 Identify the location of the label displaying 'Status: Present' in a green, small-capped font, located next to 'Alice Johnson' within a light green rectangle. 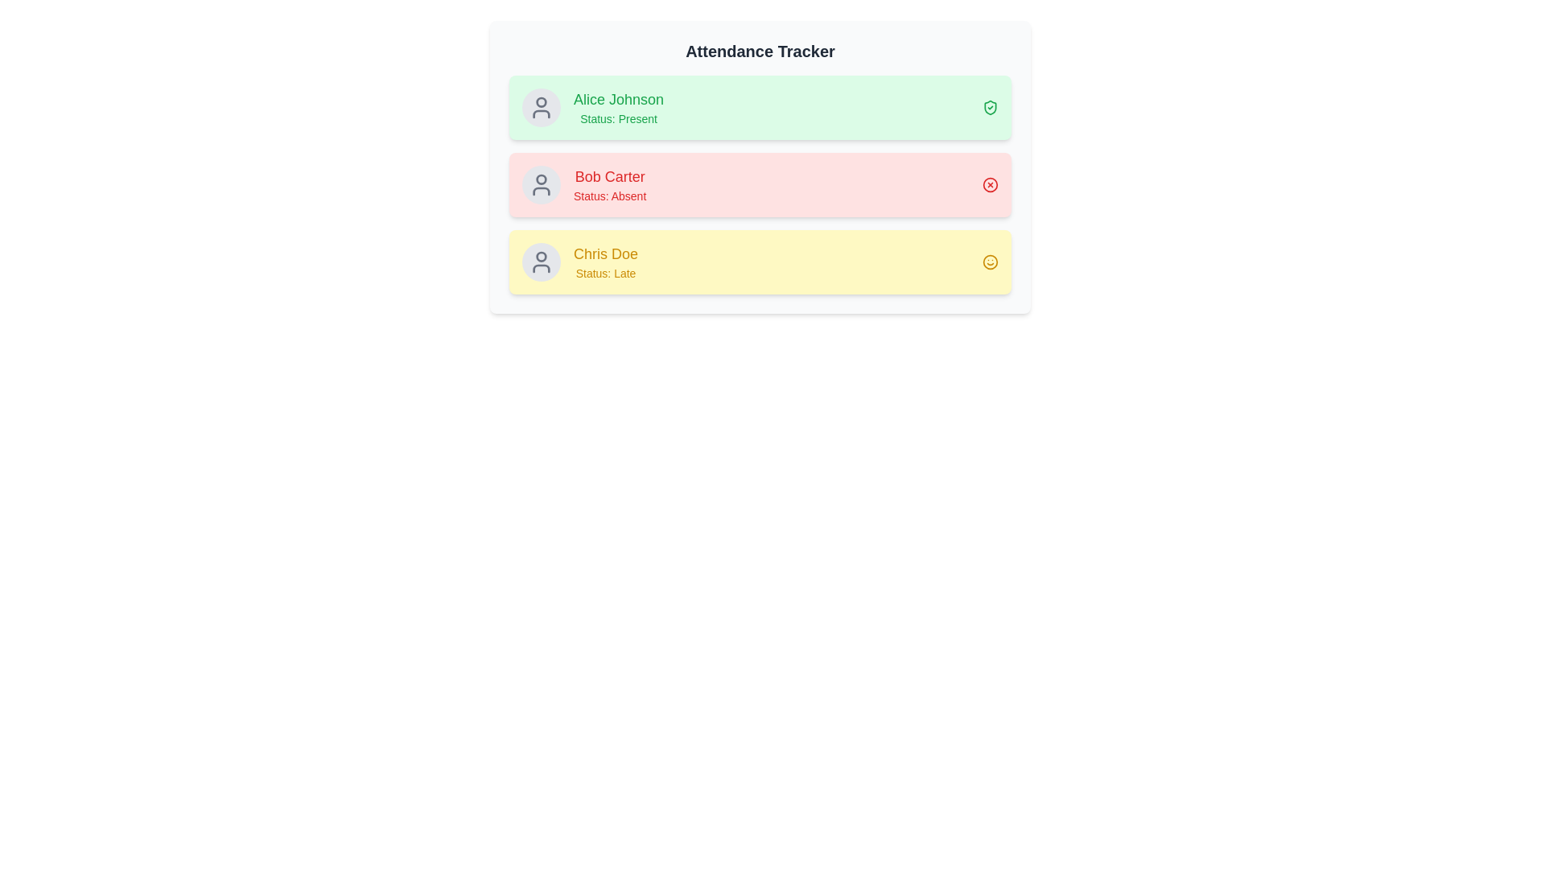
(617, 117).